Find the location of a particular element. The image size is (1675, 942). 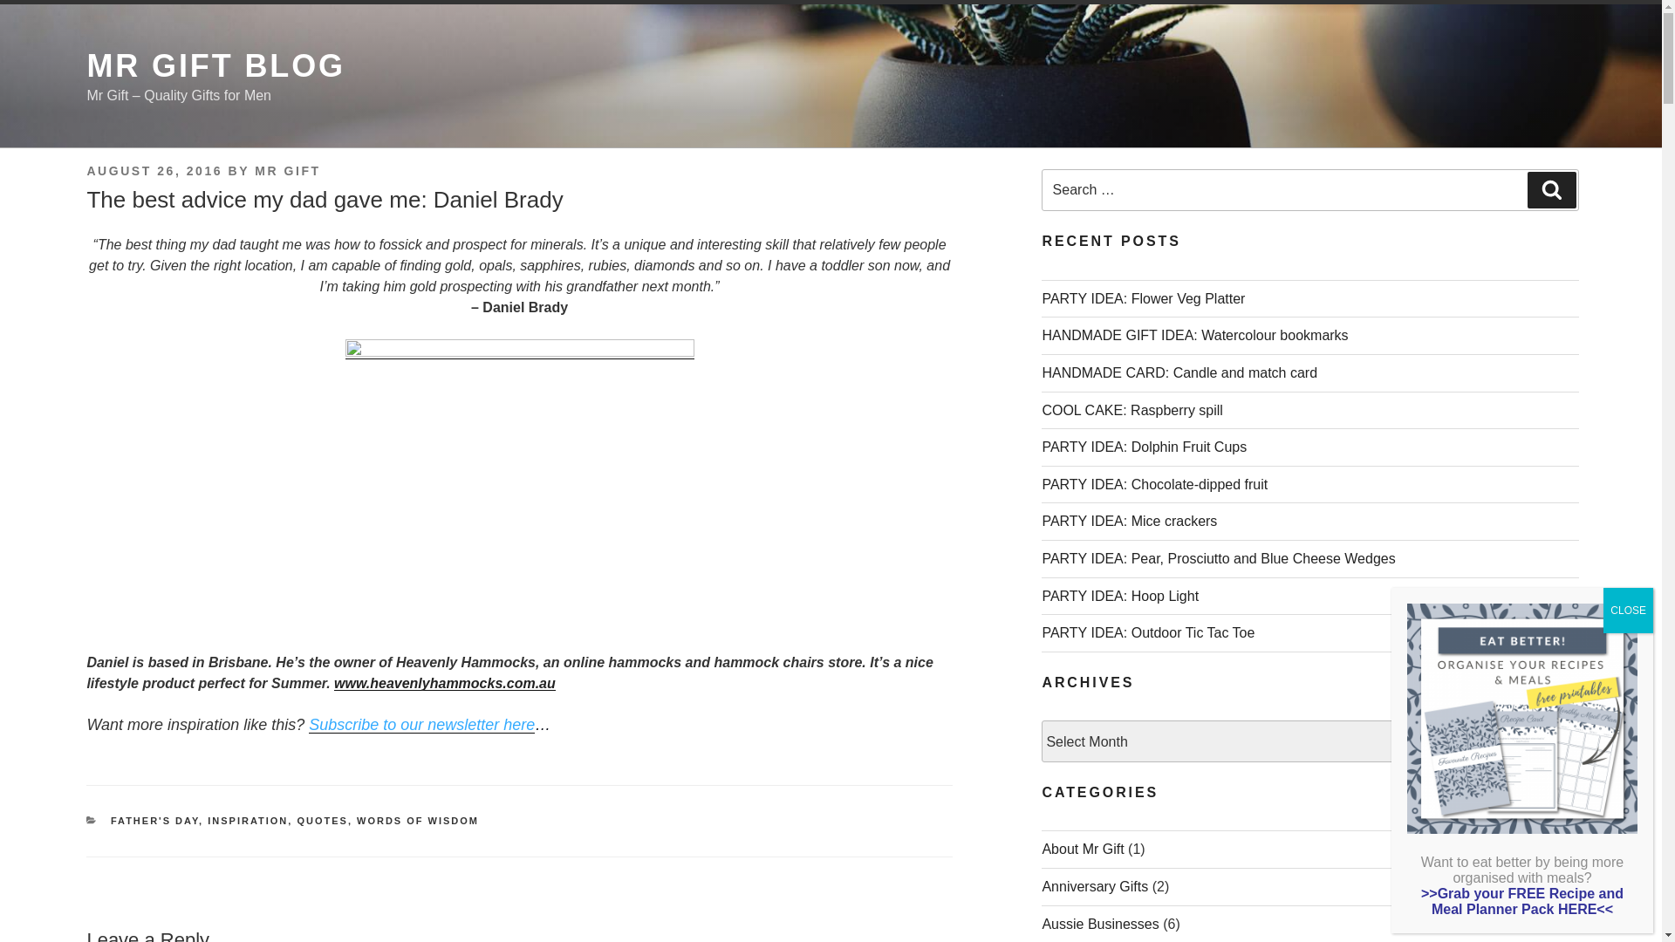

'WORDS OF WISDOM' is located at coordinates (417, 821).